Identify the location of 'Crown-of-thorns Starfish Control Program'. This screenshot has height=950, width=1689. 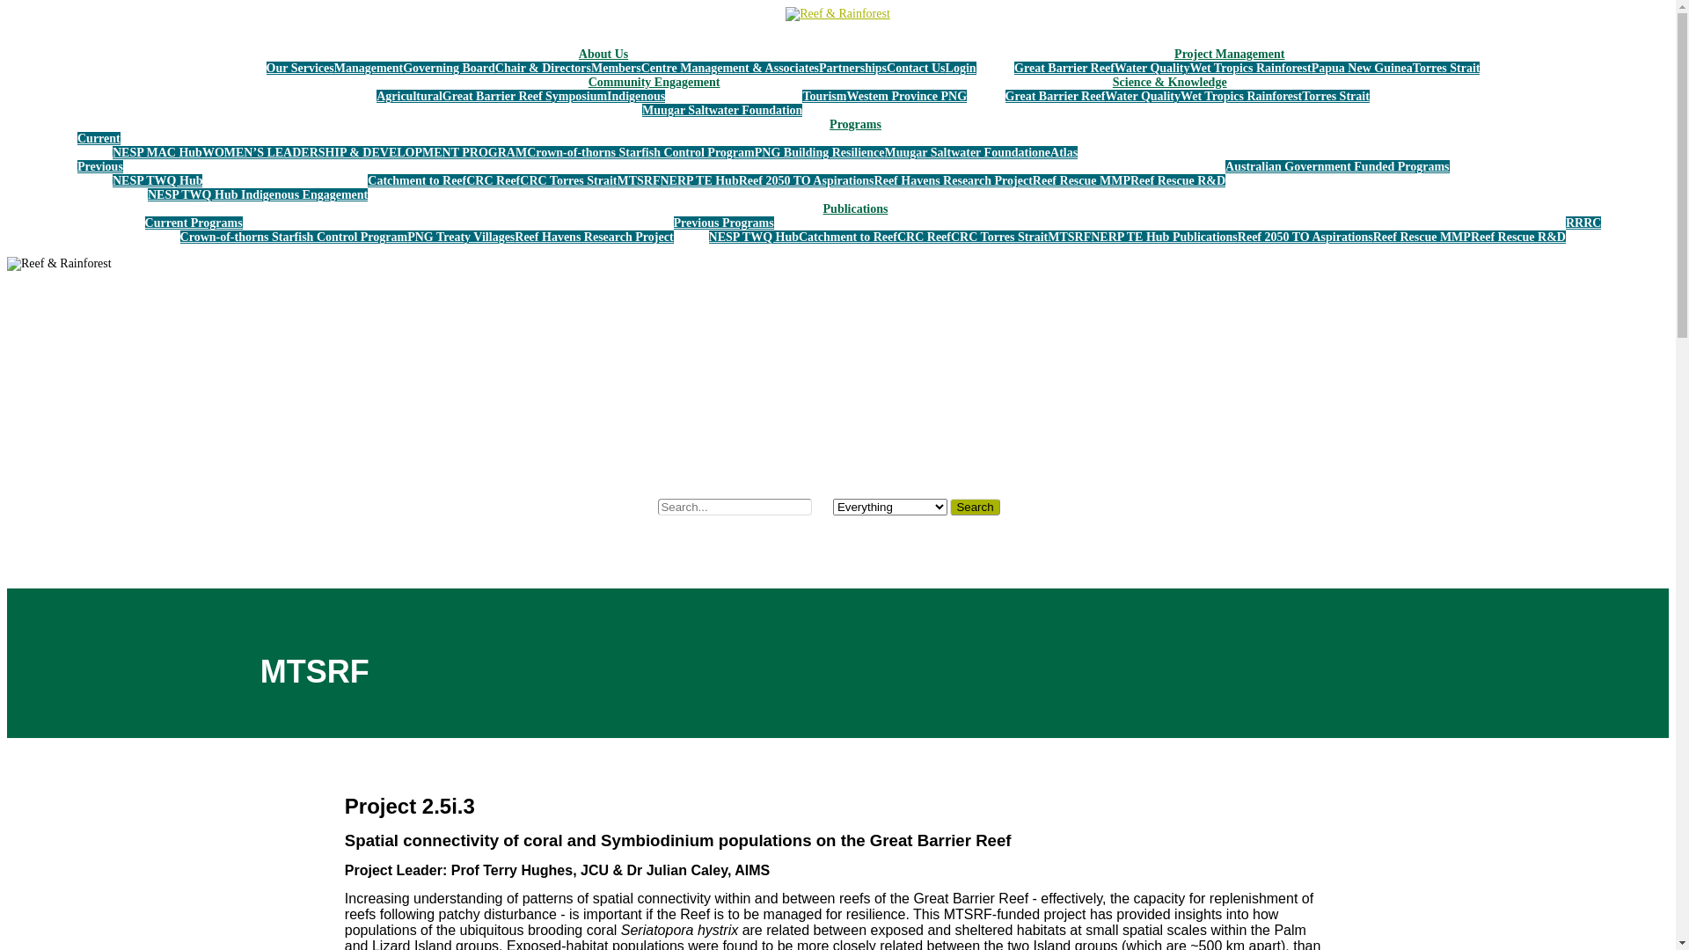
(294, 236).